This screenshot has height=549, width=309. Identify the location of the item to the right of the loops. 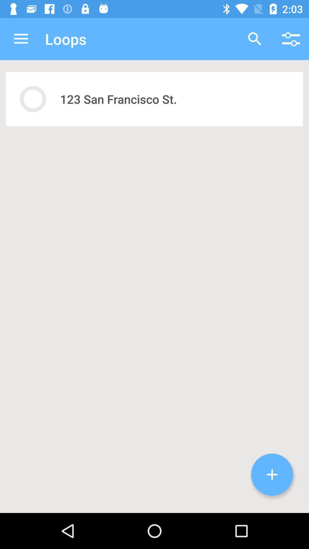
(255, 39).